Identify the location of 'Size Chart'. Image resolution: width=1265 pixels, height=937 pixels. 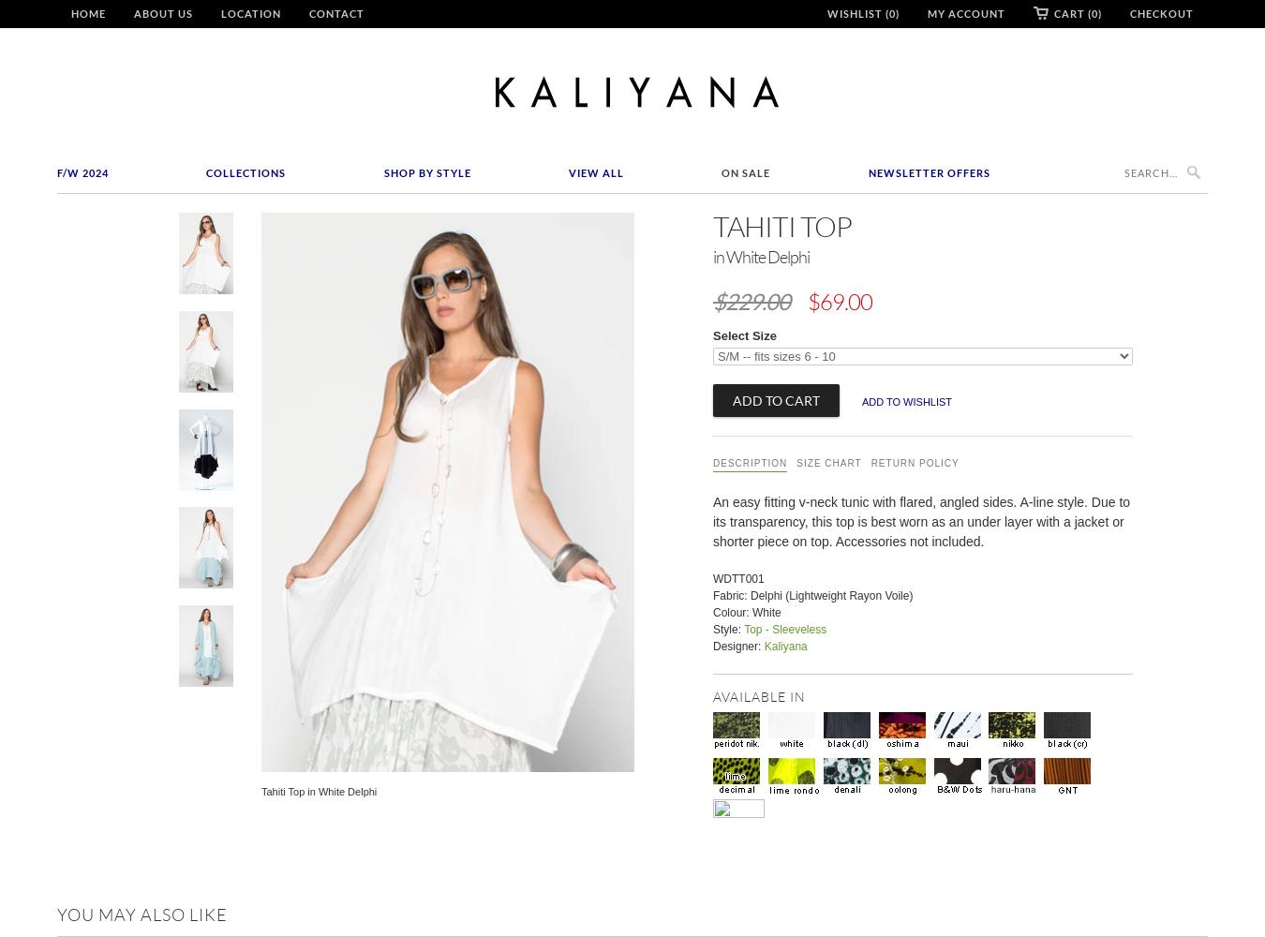
(828, 461).